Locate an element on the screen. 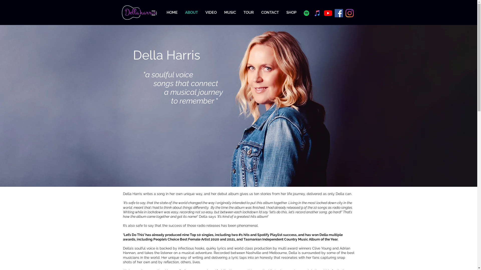 The height and width of the screenshot is (270, 481). 'MUSIC' is located at coordinates (230, 12).